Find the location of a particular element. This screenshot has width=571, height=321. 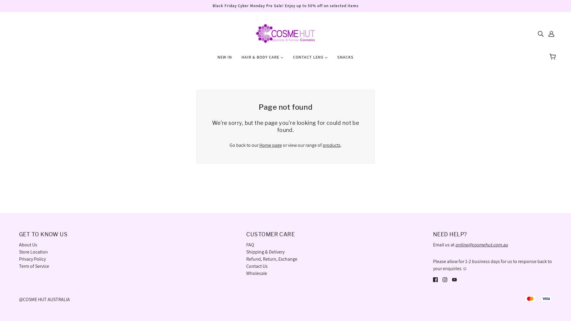

'NEW IN' is located at coordinates (224, 59).